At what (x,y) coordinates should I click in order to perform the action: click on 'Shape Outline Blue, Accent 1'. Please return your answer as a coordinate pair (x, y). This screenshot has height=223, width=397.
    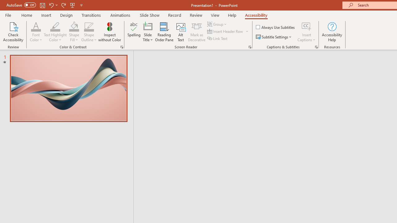
    Looking at the image, I should click on (89, 26).